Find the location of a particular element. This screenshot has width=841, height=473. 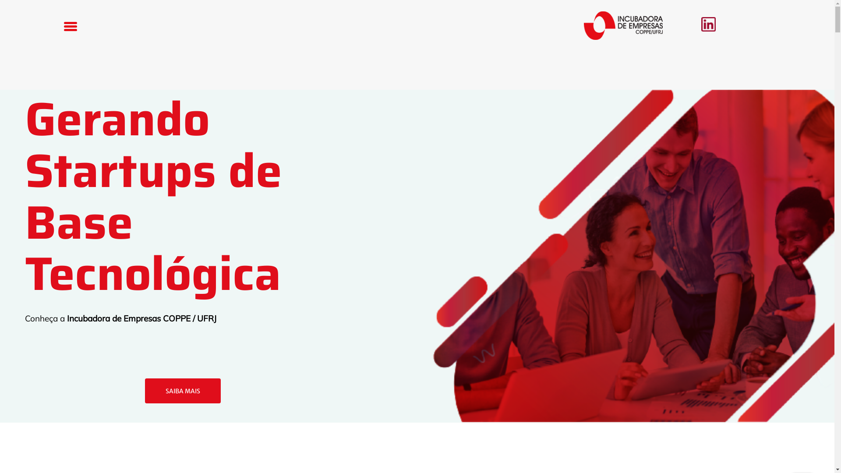

'SAIBA MAIS' is located at coordinates (182, 391).